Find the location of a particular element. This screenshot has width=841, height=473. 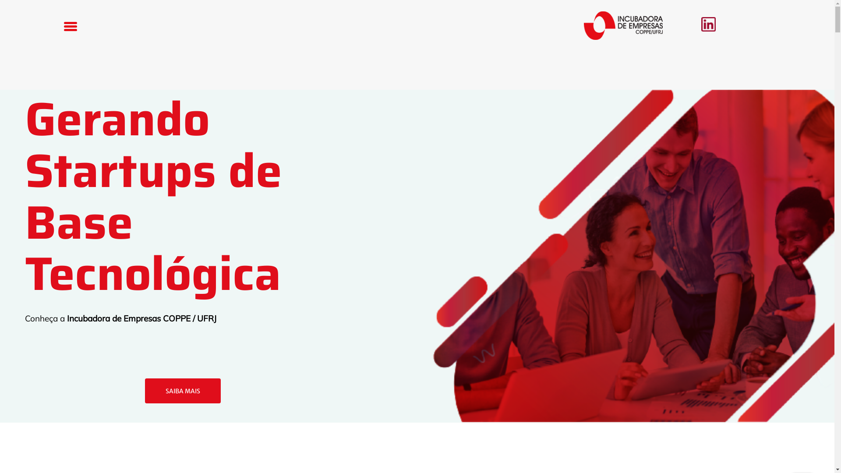

'SAIBA MAIS' is located at coordinates (182, 391).